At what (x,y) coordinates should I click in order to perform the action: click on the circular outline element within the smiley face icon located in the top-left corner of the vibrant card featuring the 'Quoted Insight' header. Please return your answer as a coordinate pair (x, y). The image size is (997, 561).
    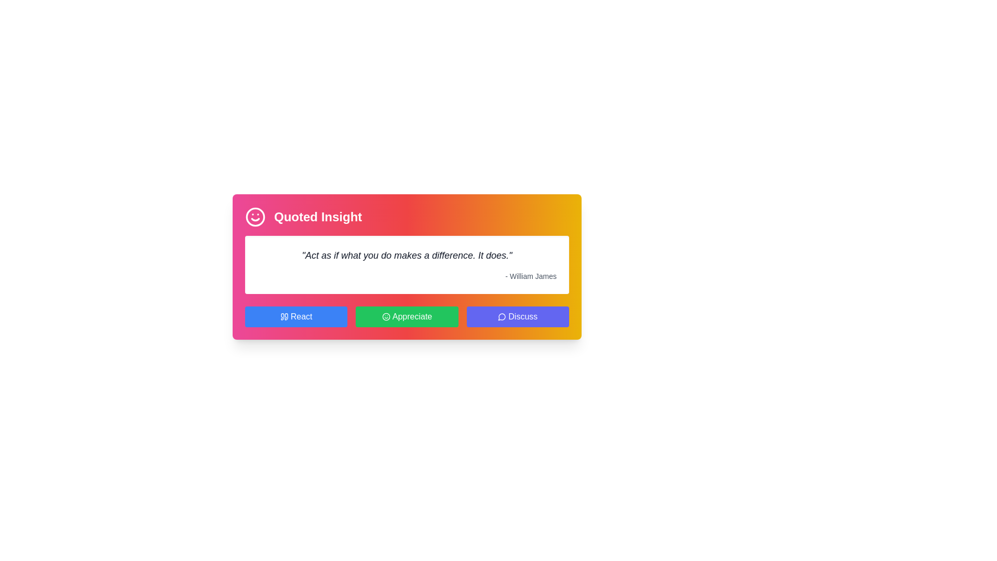
    Looking at the image, I should click on (385, 316).